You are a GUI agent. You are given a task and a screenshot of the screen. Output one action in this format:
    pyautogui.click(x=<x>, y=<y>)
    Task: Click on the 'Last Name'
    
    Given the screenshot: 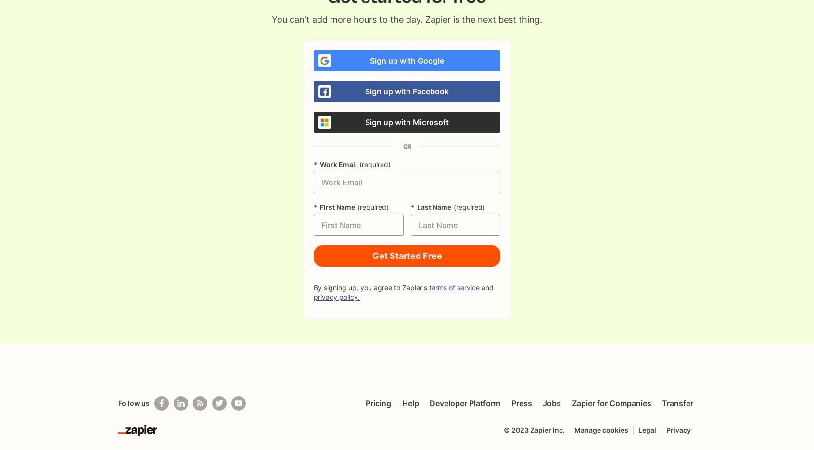 What is the action you would take?
    pyautogui.click(x=433, y=206)
    